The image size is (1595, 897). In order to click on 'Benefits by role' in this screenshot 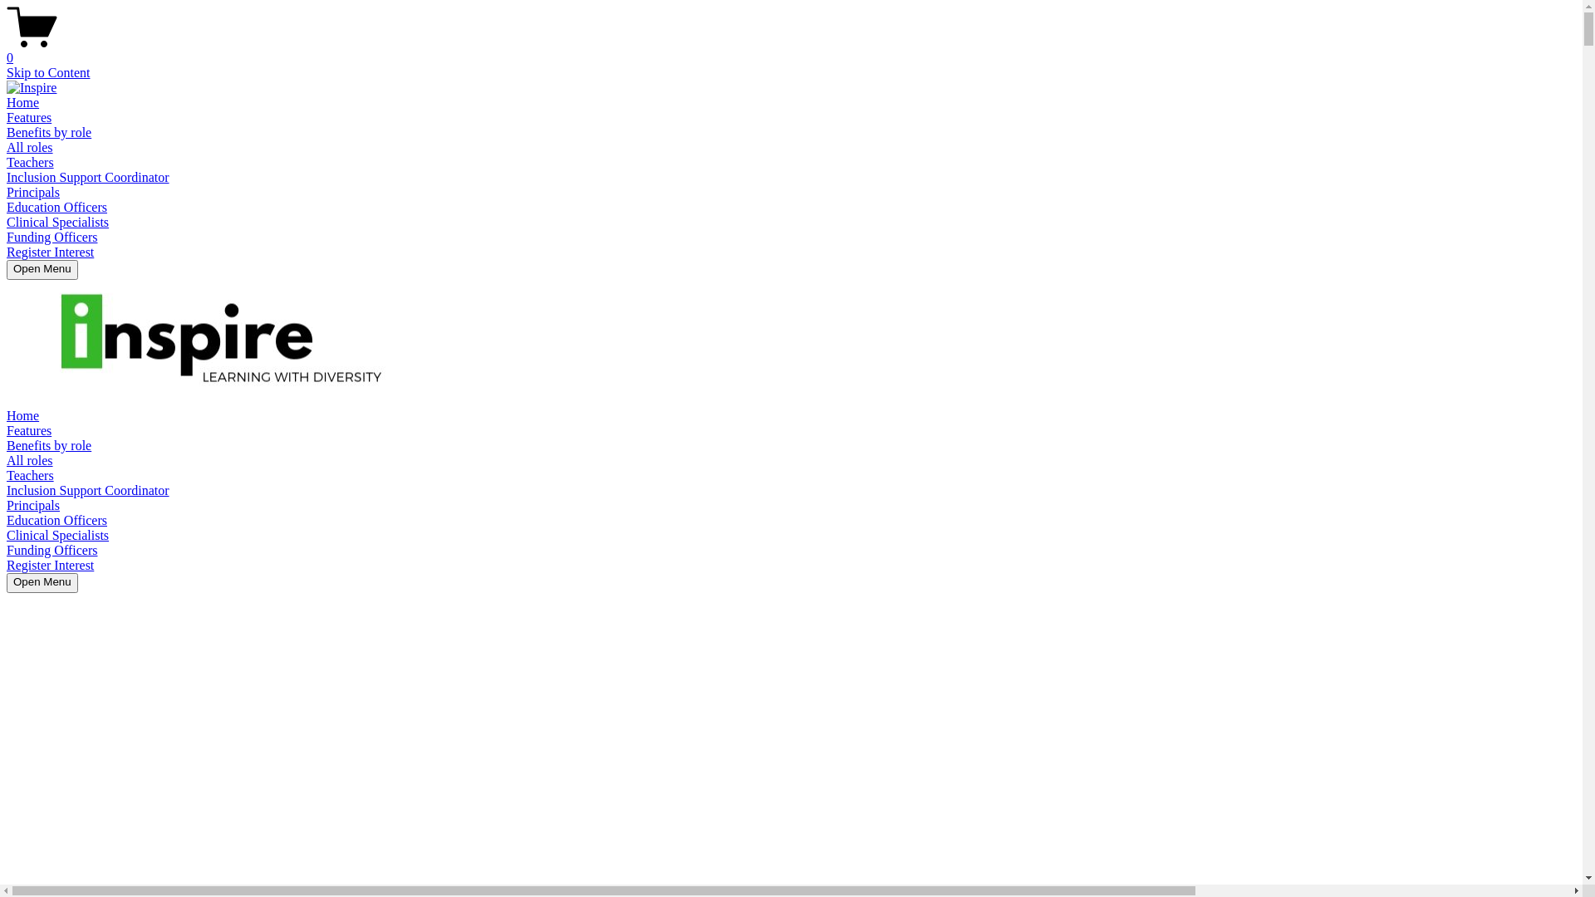, I will do `click(48, 444)`.